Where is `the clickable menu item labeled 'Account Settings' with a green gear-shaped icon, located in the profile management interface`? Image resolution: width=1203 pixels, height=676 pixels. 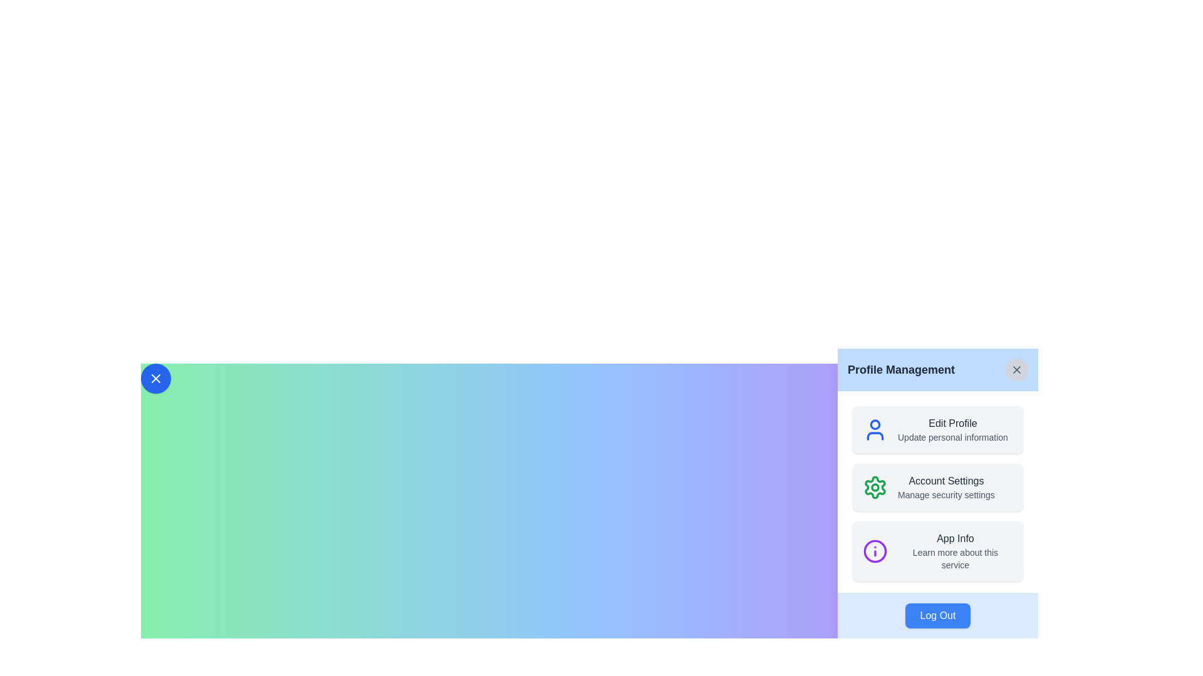
the clickable menu item labeled 'Account Settings' with a green gear-shaped icon, located in the profile management interface is located at coordinates (938, 491).